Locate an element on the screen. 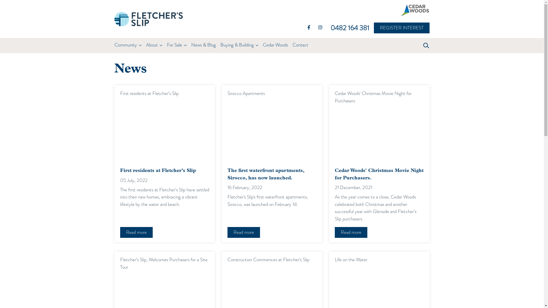  'Community' is located at coordinates (127, 45).